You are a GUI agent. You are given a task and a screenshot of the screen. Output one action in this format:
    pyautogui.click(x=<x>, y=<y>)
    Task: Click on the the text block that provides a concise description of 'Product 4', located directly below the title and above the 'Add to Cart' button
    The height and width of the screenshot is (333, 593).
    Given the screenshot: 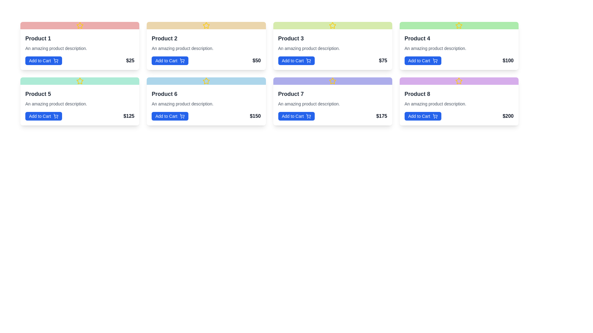 What is the action you would take?
    pyautogui.click(x=435, y=48)
    